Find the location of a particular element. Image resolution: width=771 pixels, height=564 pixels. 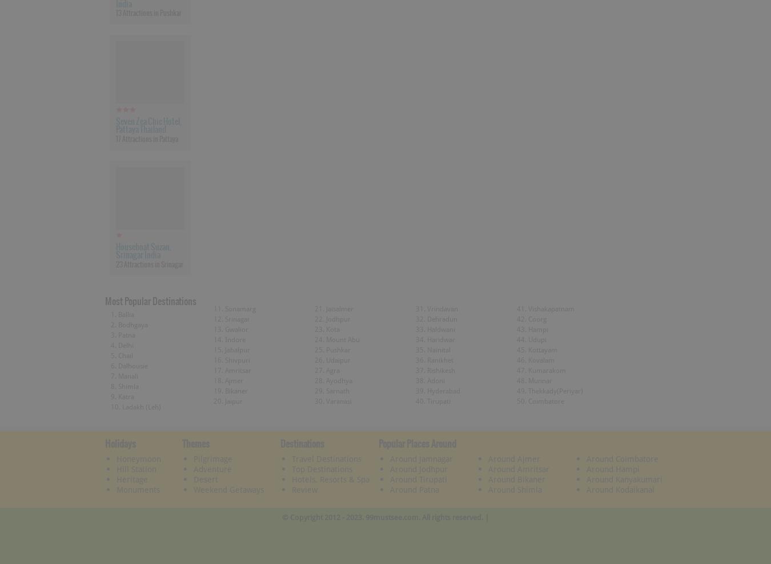

'Ayodhya' is located at coordinates (339, 379).